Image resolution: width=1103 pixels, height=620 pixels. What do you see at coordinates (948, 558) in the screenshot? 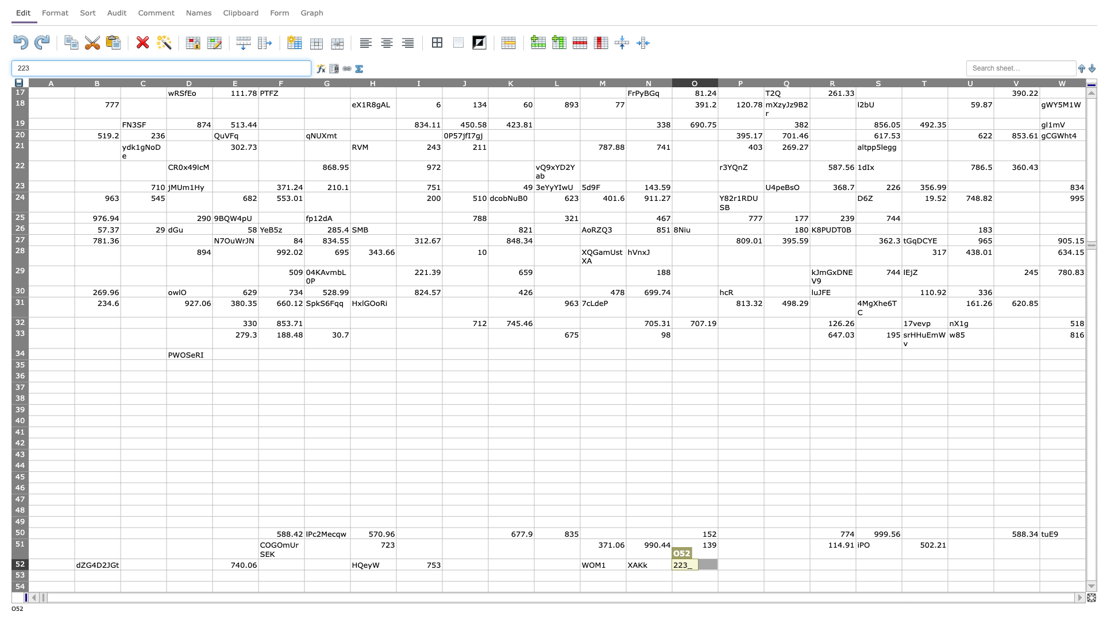
I see `top left corner of U52` at bounding box center [948, 558].